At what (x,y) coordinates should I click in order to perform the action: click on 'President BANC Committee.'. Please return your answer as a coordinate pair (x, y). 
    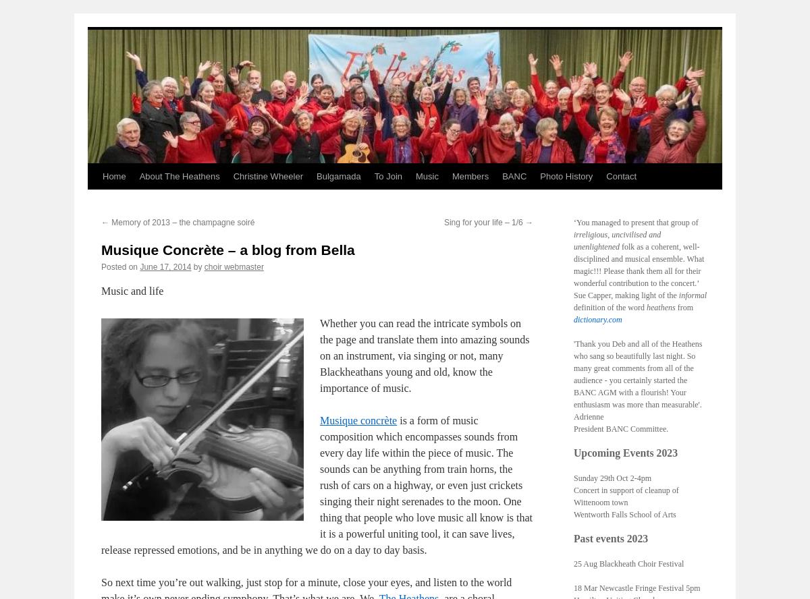
    Looking at the image, I should click on (621, 428).